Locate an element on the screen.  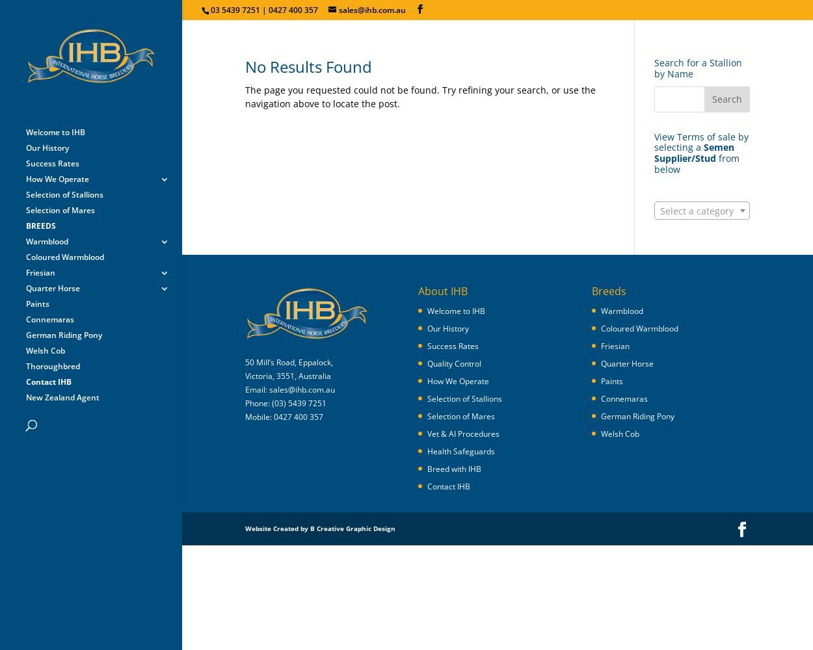
'Hengststation Bockmann' is located at coordinates (209, 288).